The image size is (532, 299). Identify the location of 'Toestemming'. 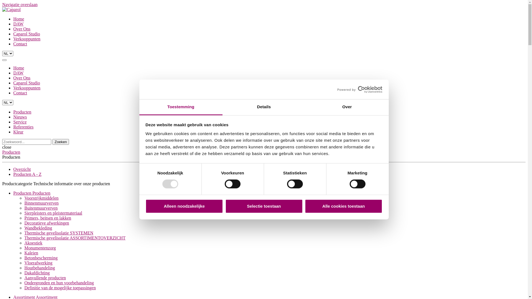
(181, 107).